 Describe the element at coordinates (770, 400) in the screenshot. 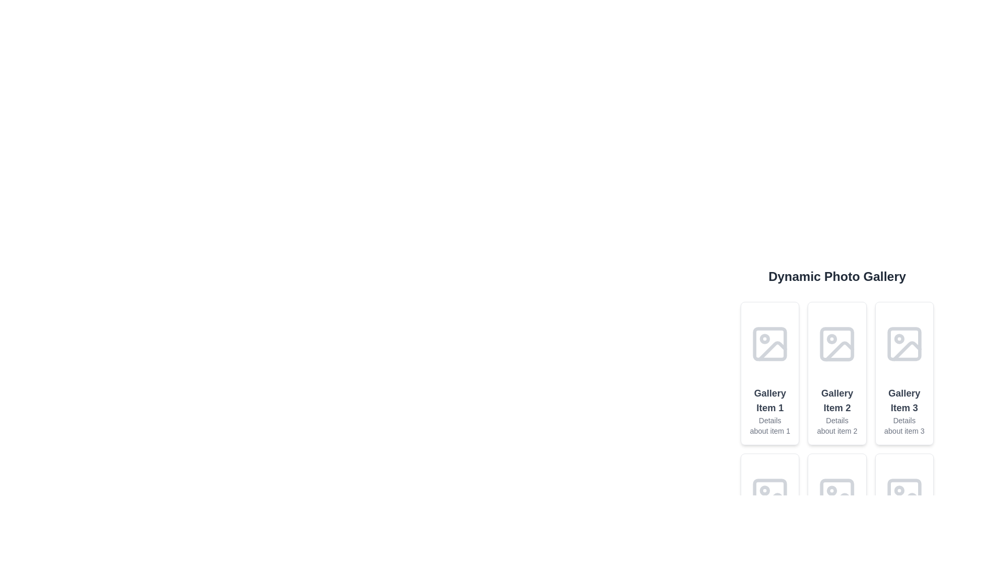

I see `the text label 'Gallery Item 1'` at that location.